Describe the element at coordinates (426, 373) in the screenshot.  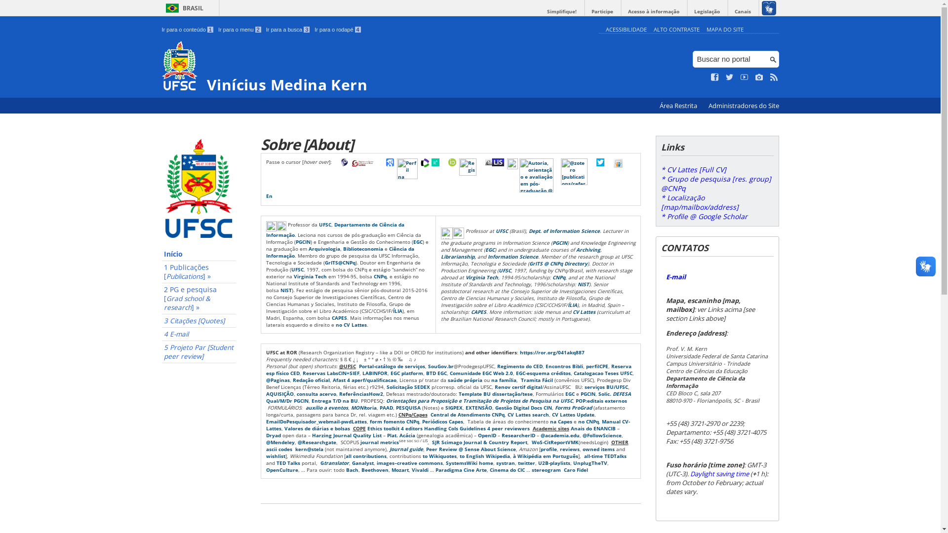
I see `'BTD EGC'` at that location.